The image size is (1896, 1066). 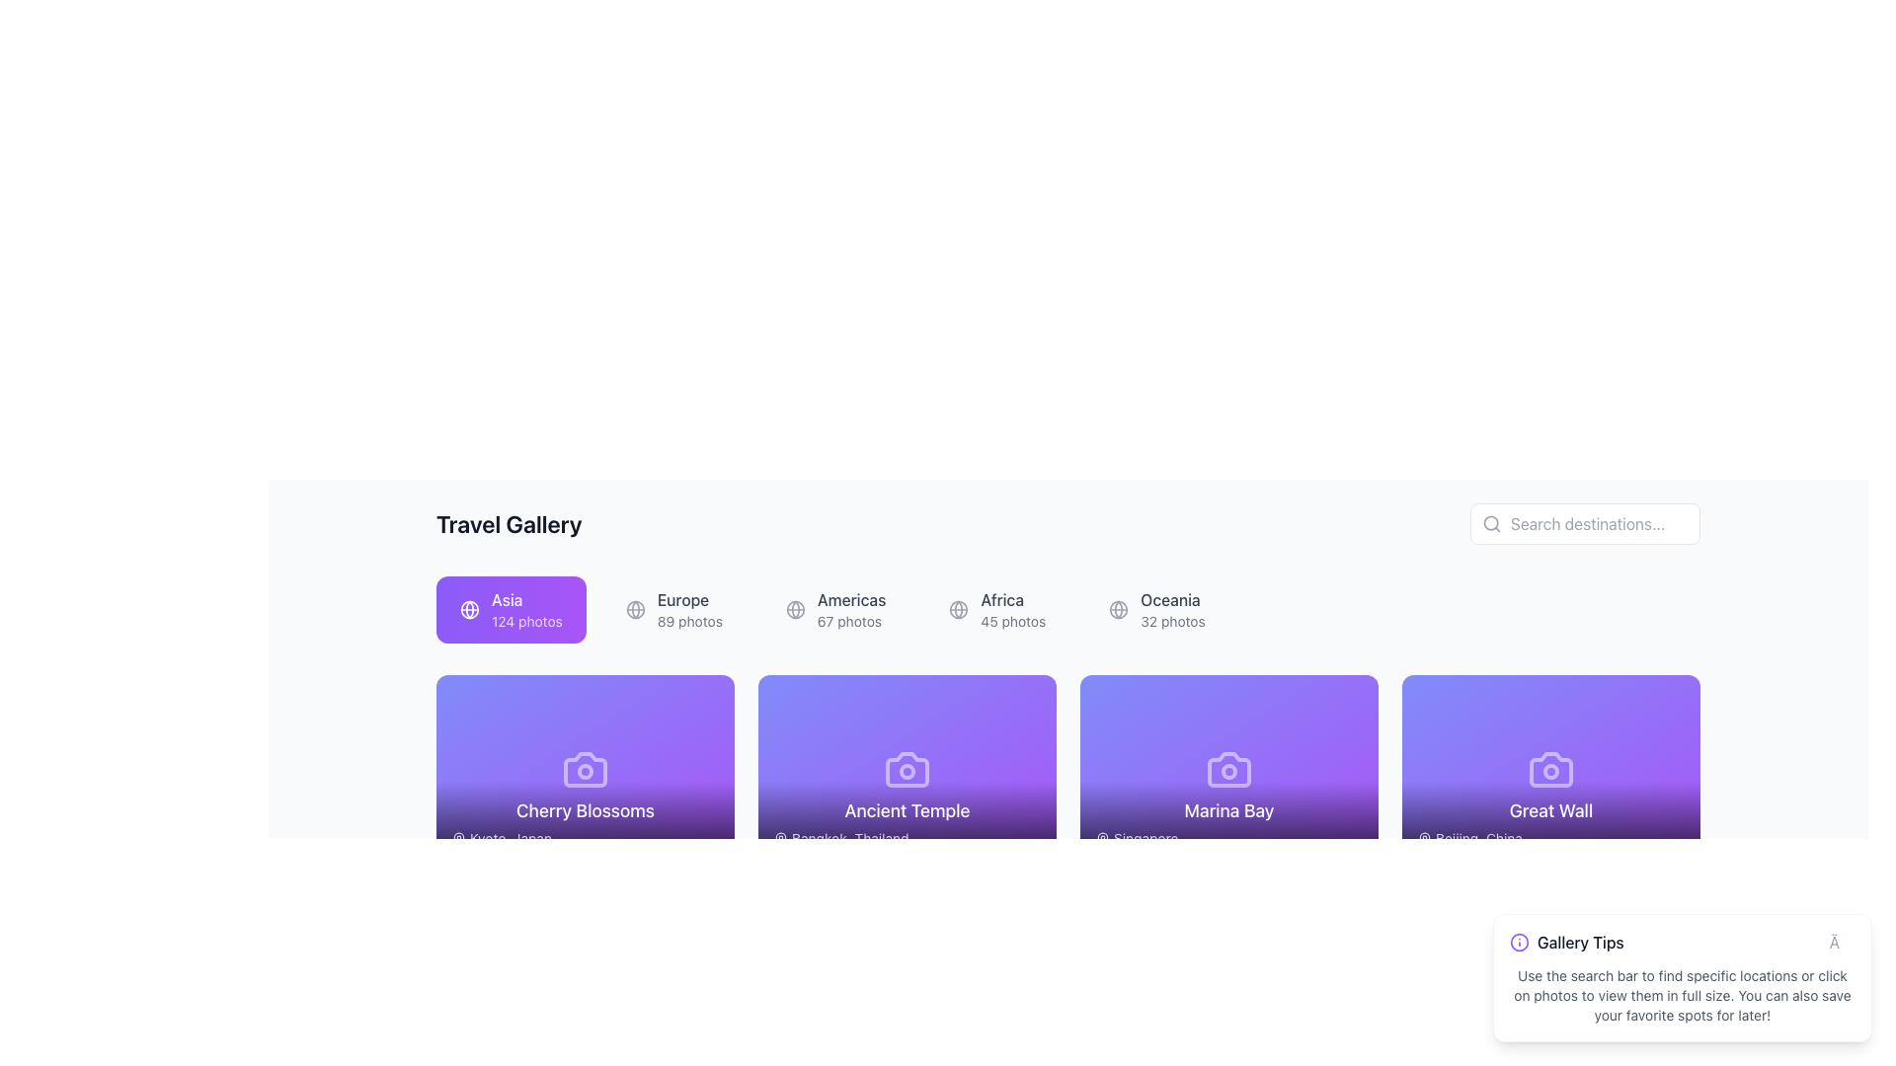 I want to click on a button in the navigation menu located beneath the 'Travel Gallery' header to navigate to a different photo gallery, so click(x=1066, y=608).